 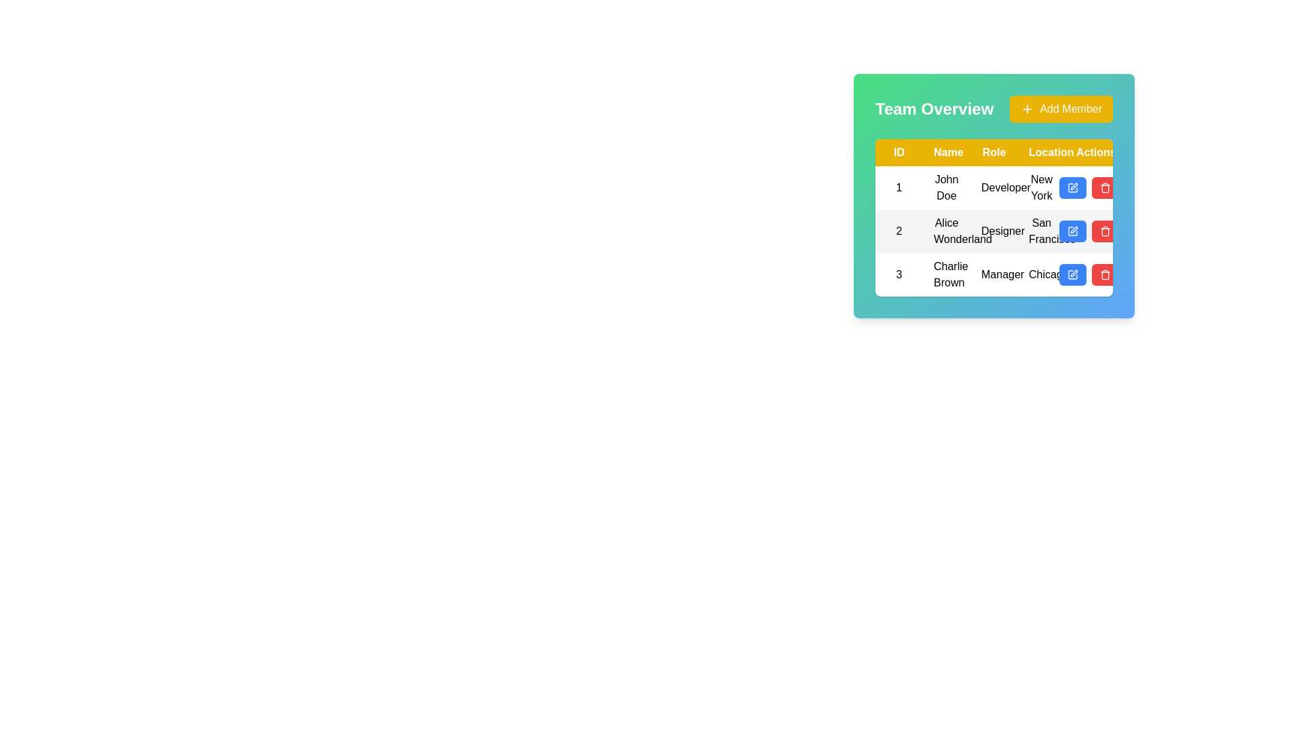 What do you see at coordinates (994, 188) in the screenshot?
I see `the static text label indicating the professional role of 'John Doe', located in the 'Role' column of the table` at bounding box center [994, 188].